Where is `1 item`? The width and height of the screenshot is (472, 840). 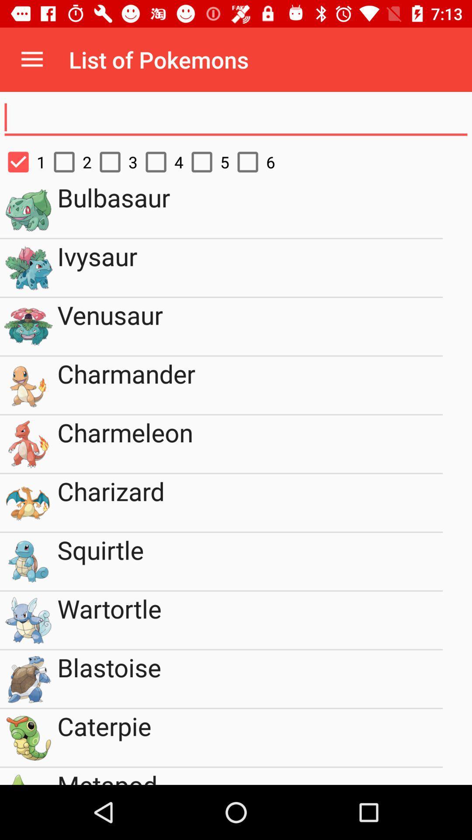 1 item is located at coordinates (22, 162).